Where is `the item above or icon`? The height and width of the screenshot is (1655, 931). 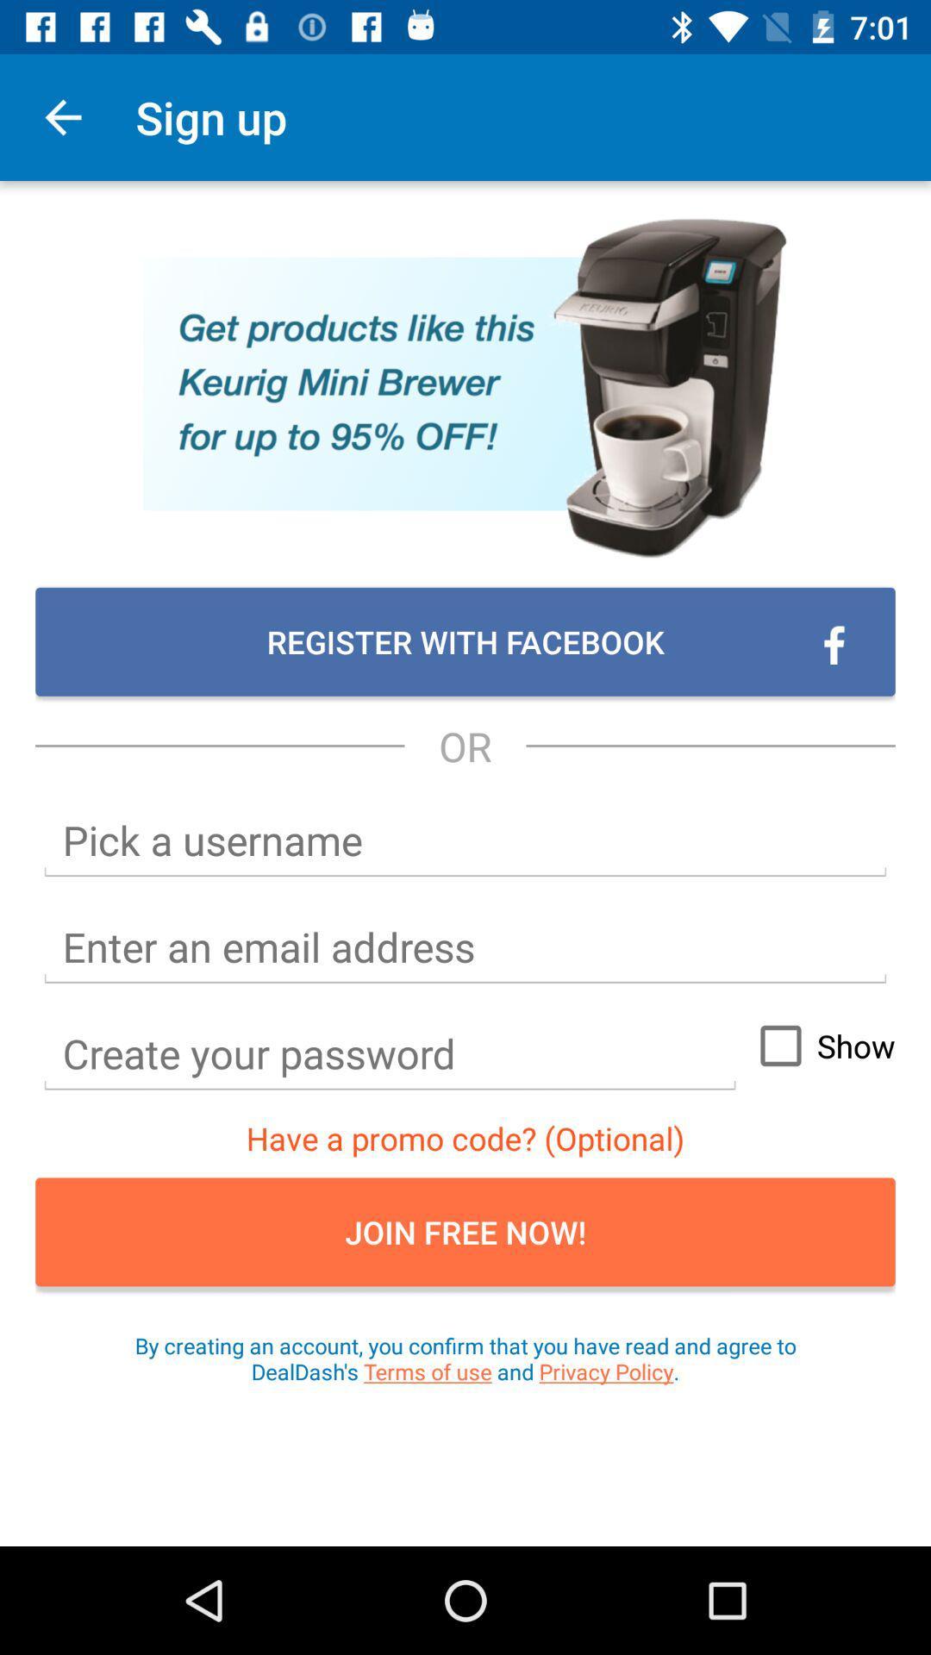
the item above or icon is located at coordinates (465, 640).